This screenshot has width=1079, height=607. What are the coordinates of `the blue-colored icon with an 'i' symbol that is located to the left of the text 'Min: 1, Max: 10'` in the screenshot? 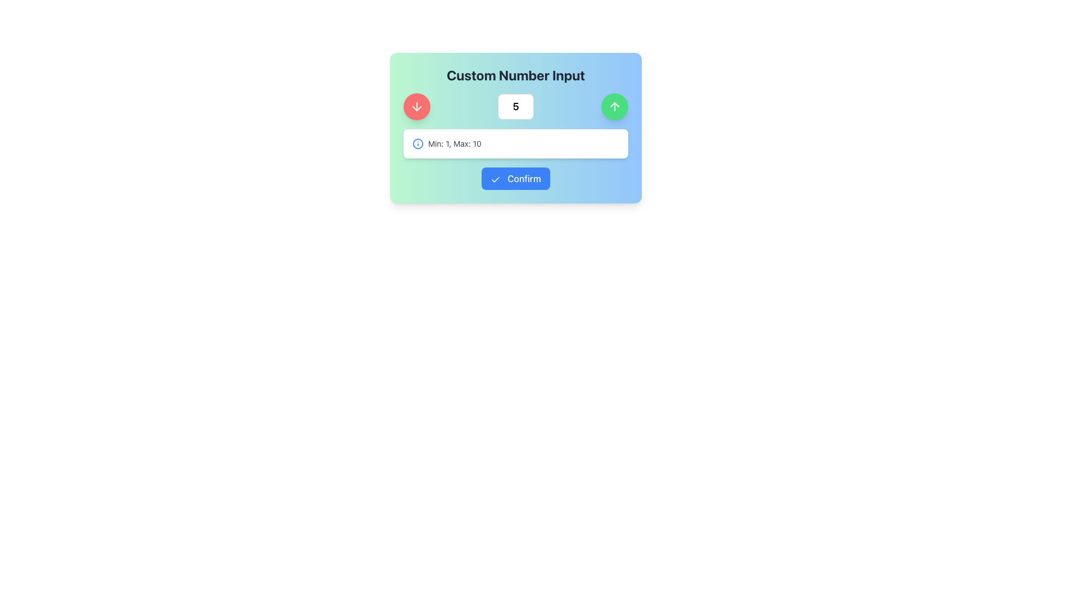 It's located at (418, 143).